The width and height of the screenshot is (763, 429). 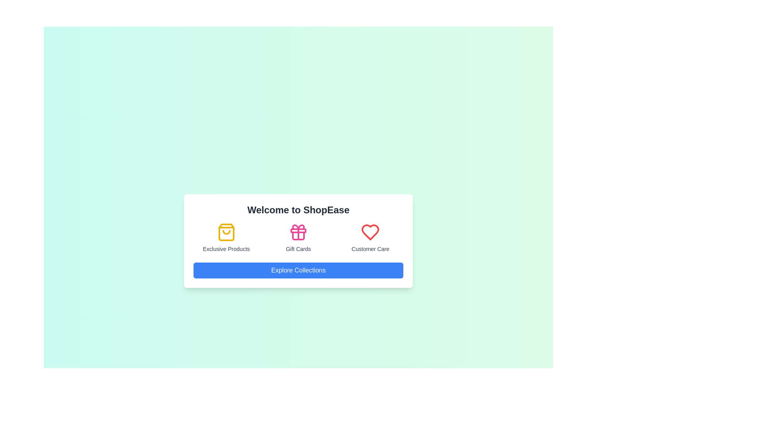 I want to click on the 'Customer Care' informative label with a heart icon located at the bottom-right of the central white card in the interface, so click(x=370, y=237).